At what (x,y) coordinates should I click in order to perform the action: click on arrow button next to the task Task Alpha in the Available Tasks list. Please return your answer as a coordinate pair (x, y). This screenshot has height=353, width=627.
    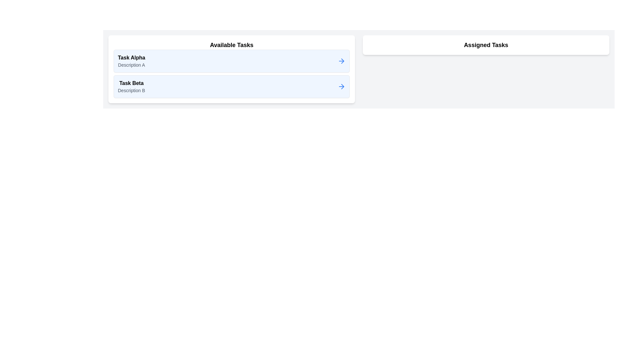
    Looking at the image, I should click on (341, 61).